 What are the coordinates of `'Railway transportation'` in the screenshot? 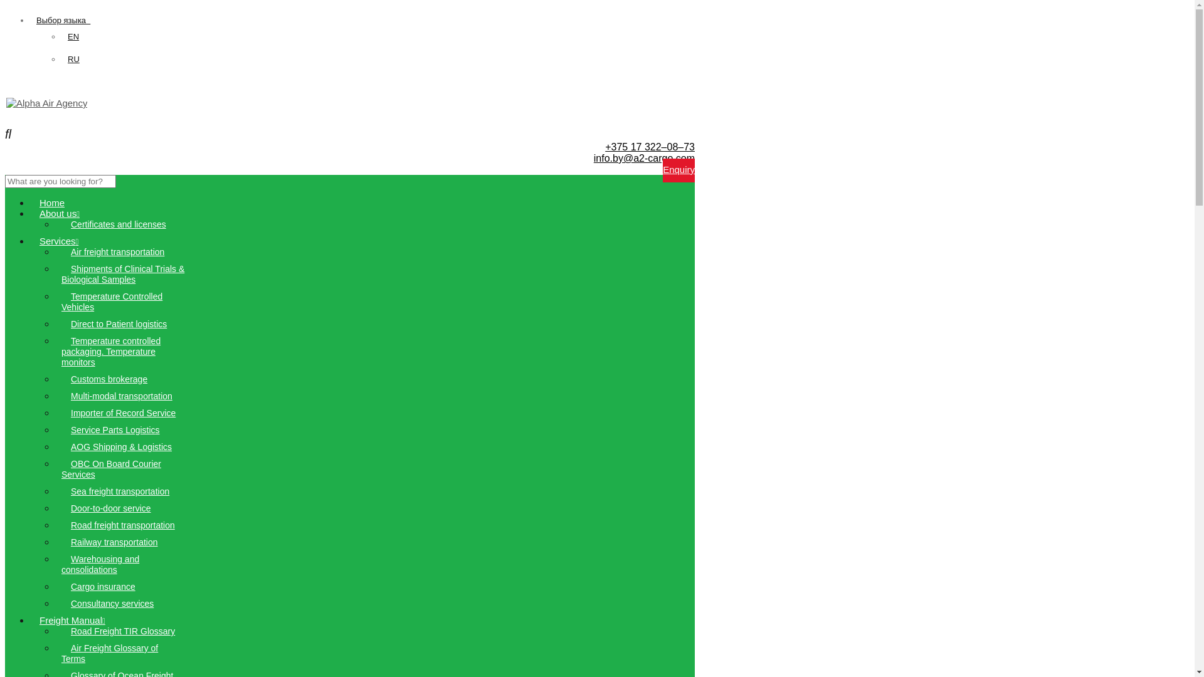 It's located at (114, 541).